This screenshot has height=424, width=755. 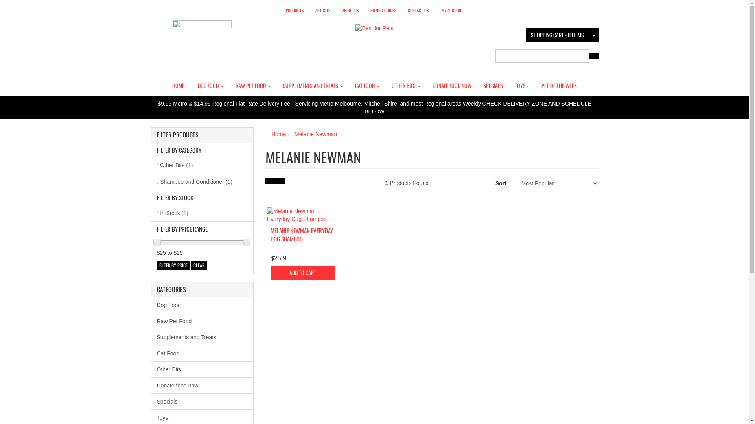 I want to click on 'Other Bits (1)', so click(x=202, y=164).